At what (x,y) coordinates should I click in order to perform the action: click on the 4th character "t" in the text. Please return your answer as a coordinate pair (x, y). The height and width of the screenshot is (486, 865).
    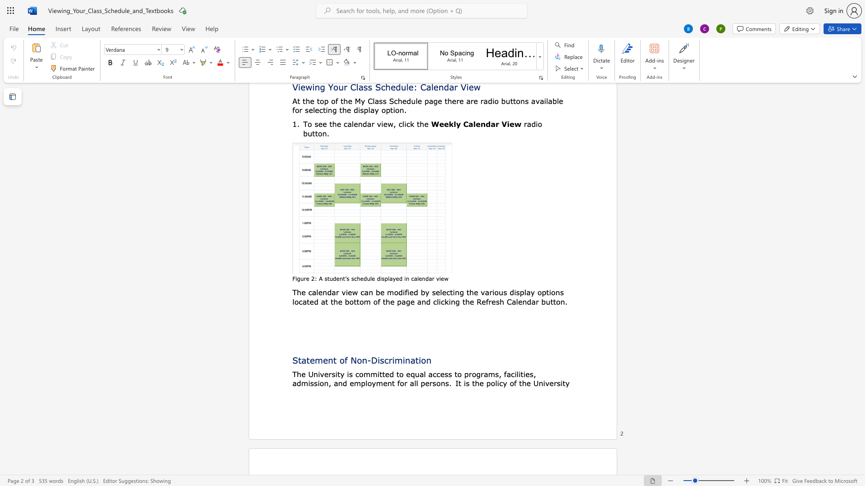
    Looking at the image, I should click on (357, 301).